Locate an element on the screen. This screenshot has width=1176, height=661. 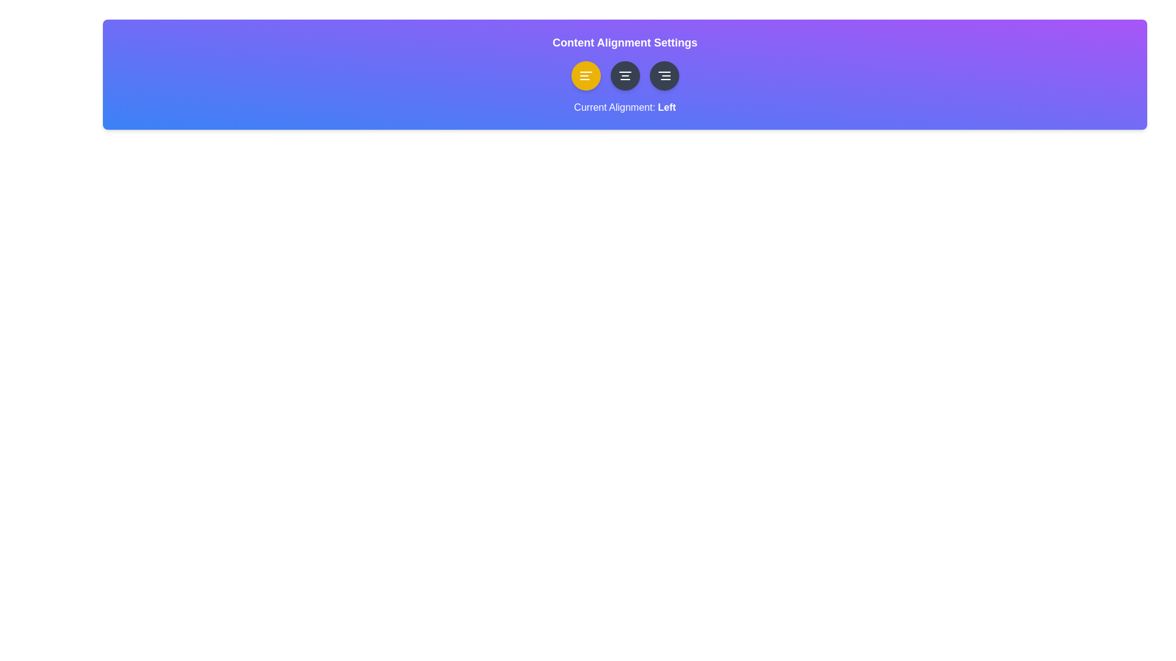
the button corresponding to center is located at coordinates (625, 75).